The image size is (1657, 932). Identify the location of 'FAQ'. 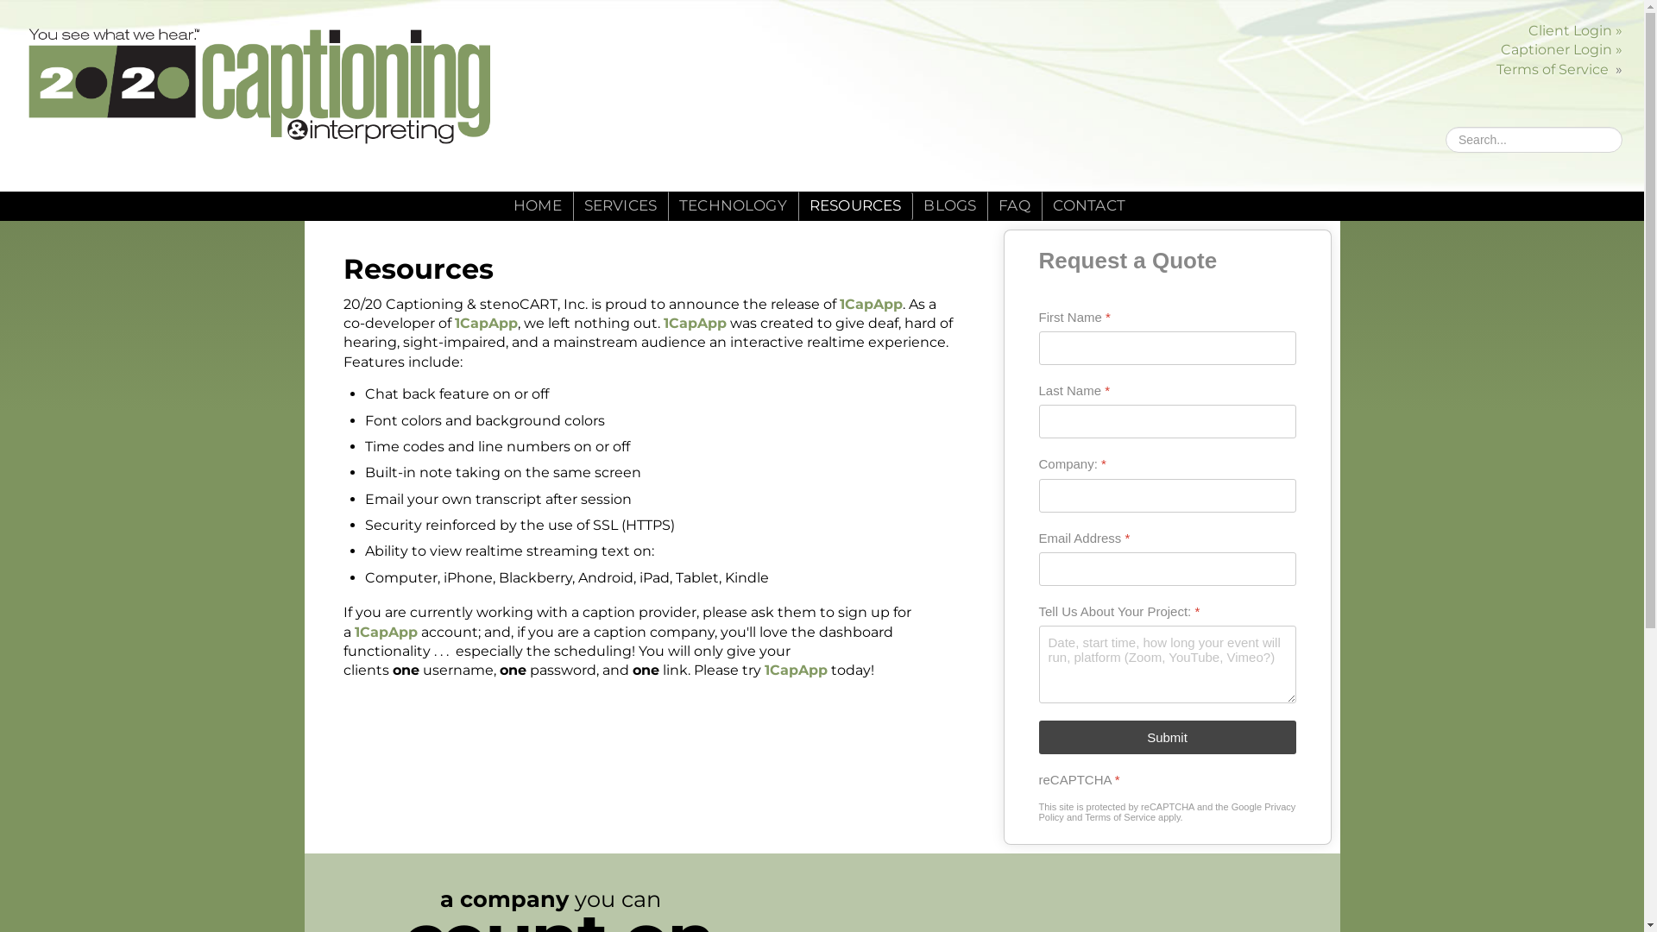
(998, 205).